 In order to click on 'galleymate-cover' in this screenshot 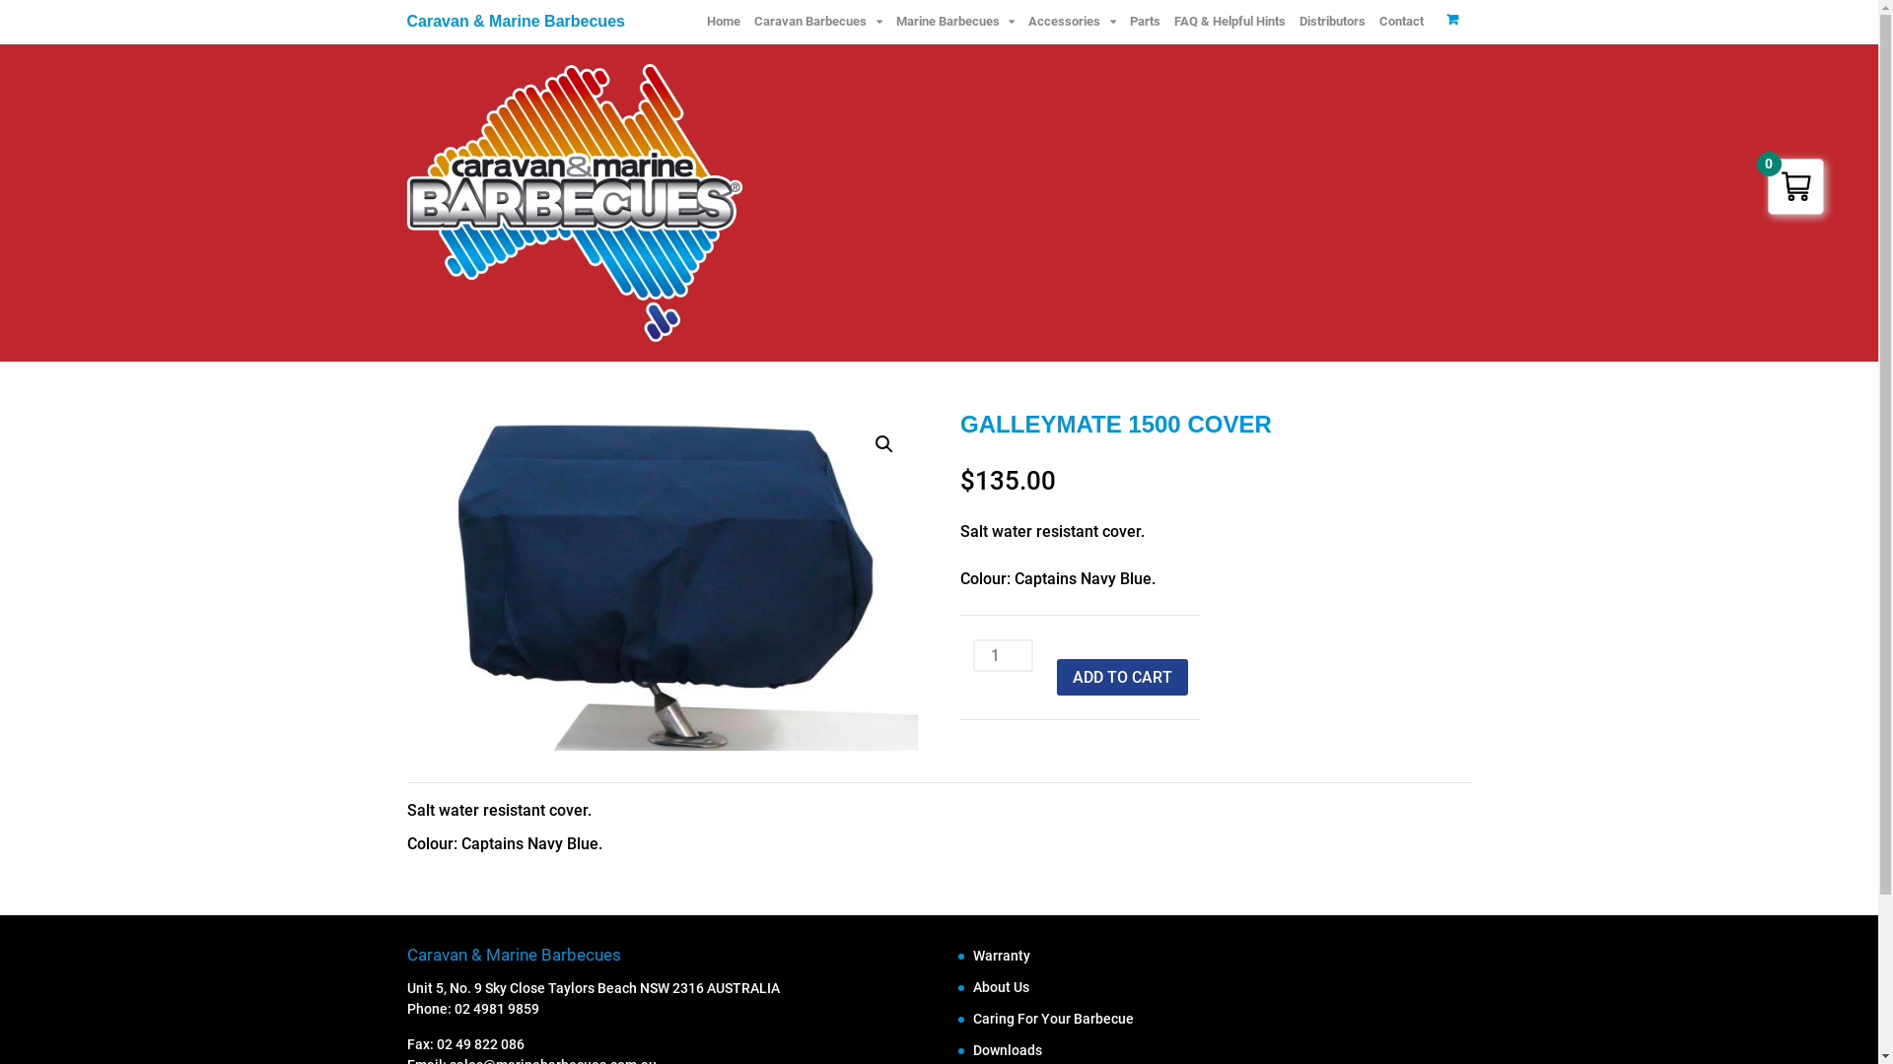, I will do `click(662, 580)`.